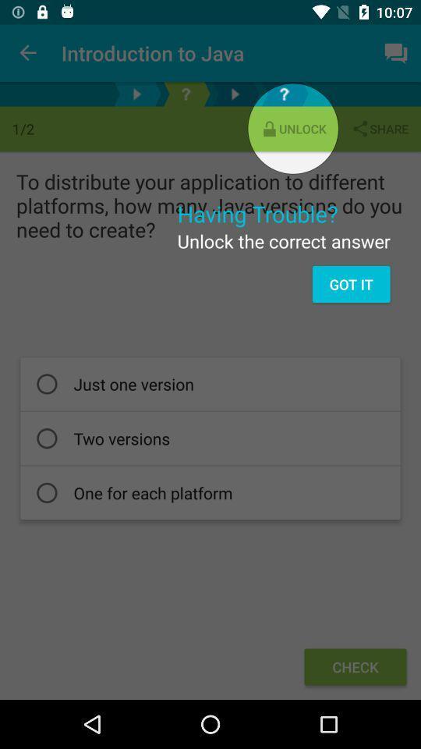 This screenshot has width=421, height=749. Describe the element at coordinates (136, 94) in the screenshot. I see `this button` at that location.